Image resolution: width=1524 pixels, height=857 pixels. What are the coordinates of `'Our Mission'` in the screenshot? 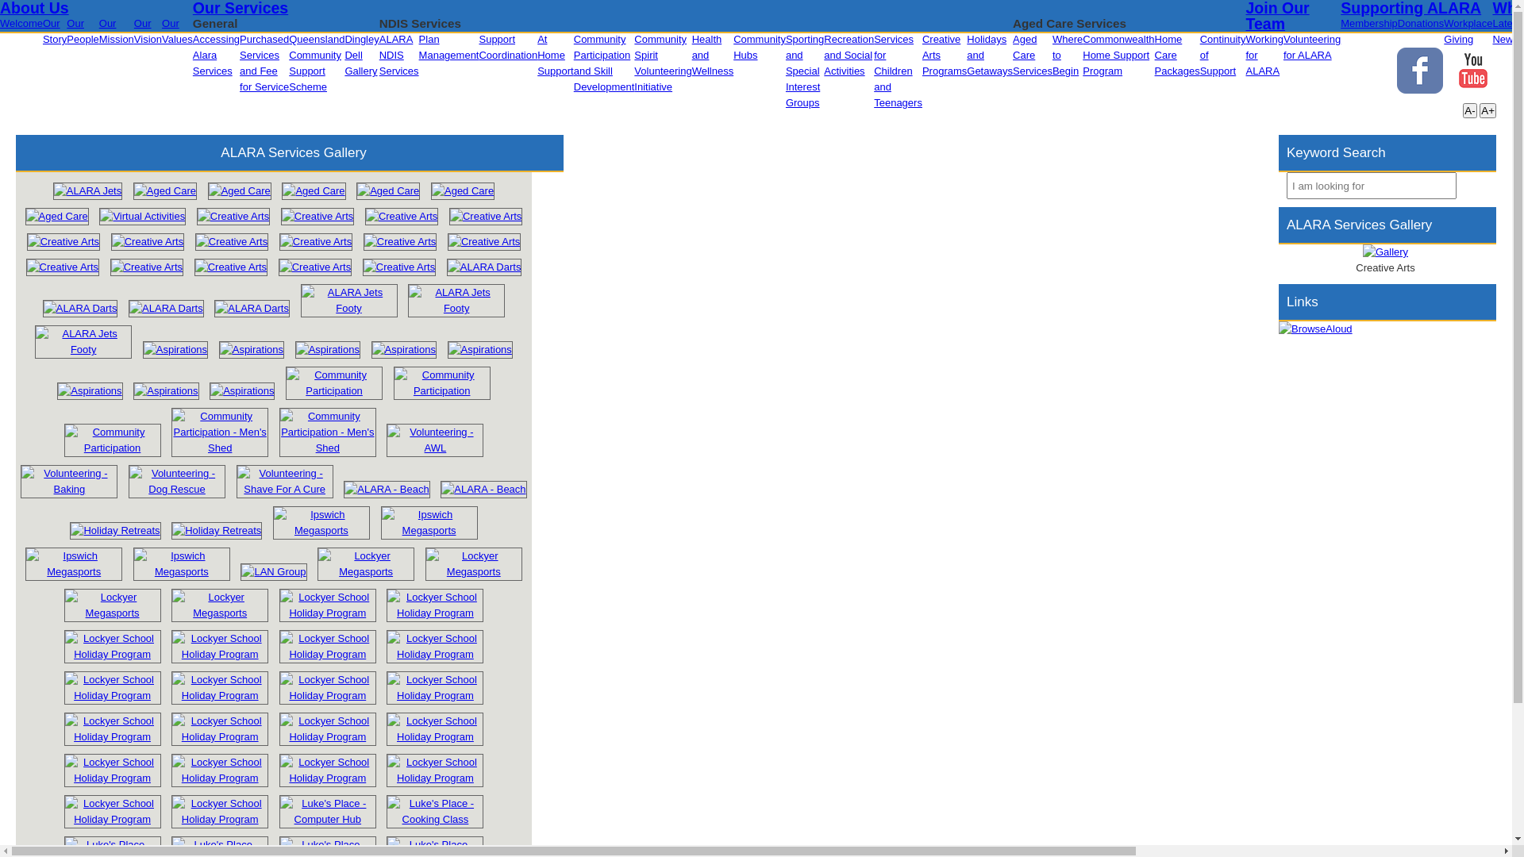 It's located at (116, 31).